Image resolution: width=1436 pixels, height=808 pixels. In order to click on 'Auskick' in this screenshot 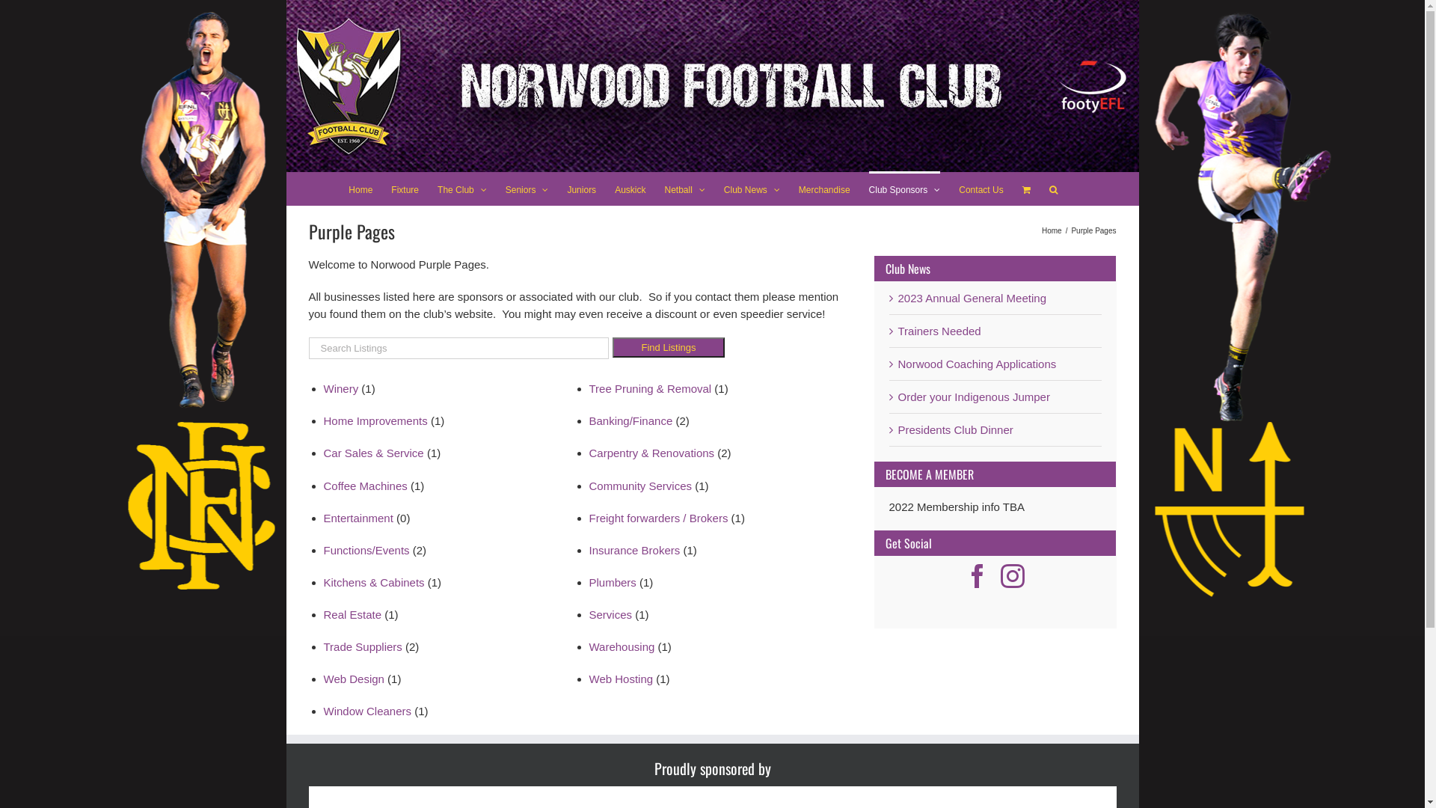, I will do `click(630, 187)`.